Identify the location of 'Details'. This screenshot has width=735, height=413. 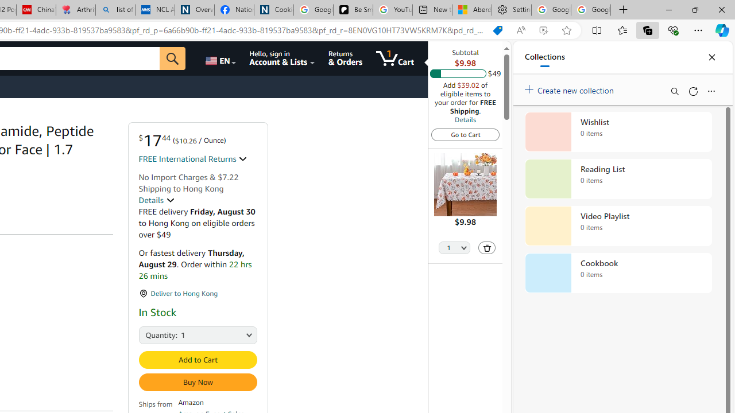
(465, 119).